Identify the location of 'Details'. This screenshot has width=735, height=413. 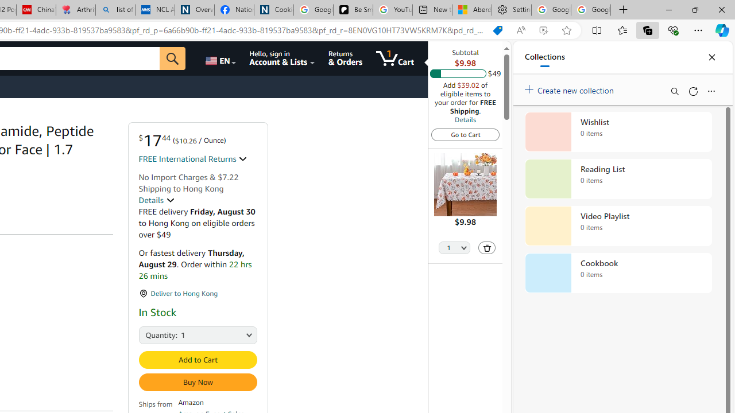
(465, 119).